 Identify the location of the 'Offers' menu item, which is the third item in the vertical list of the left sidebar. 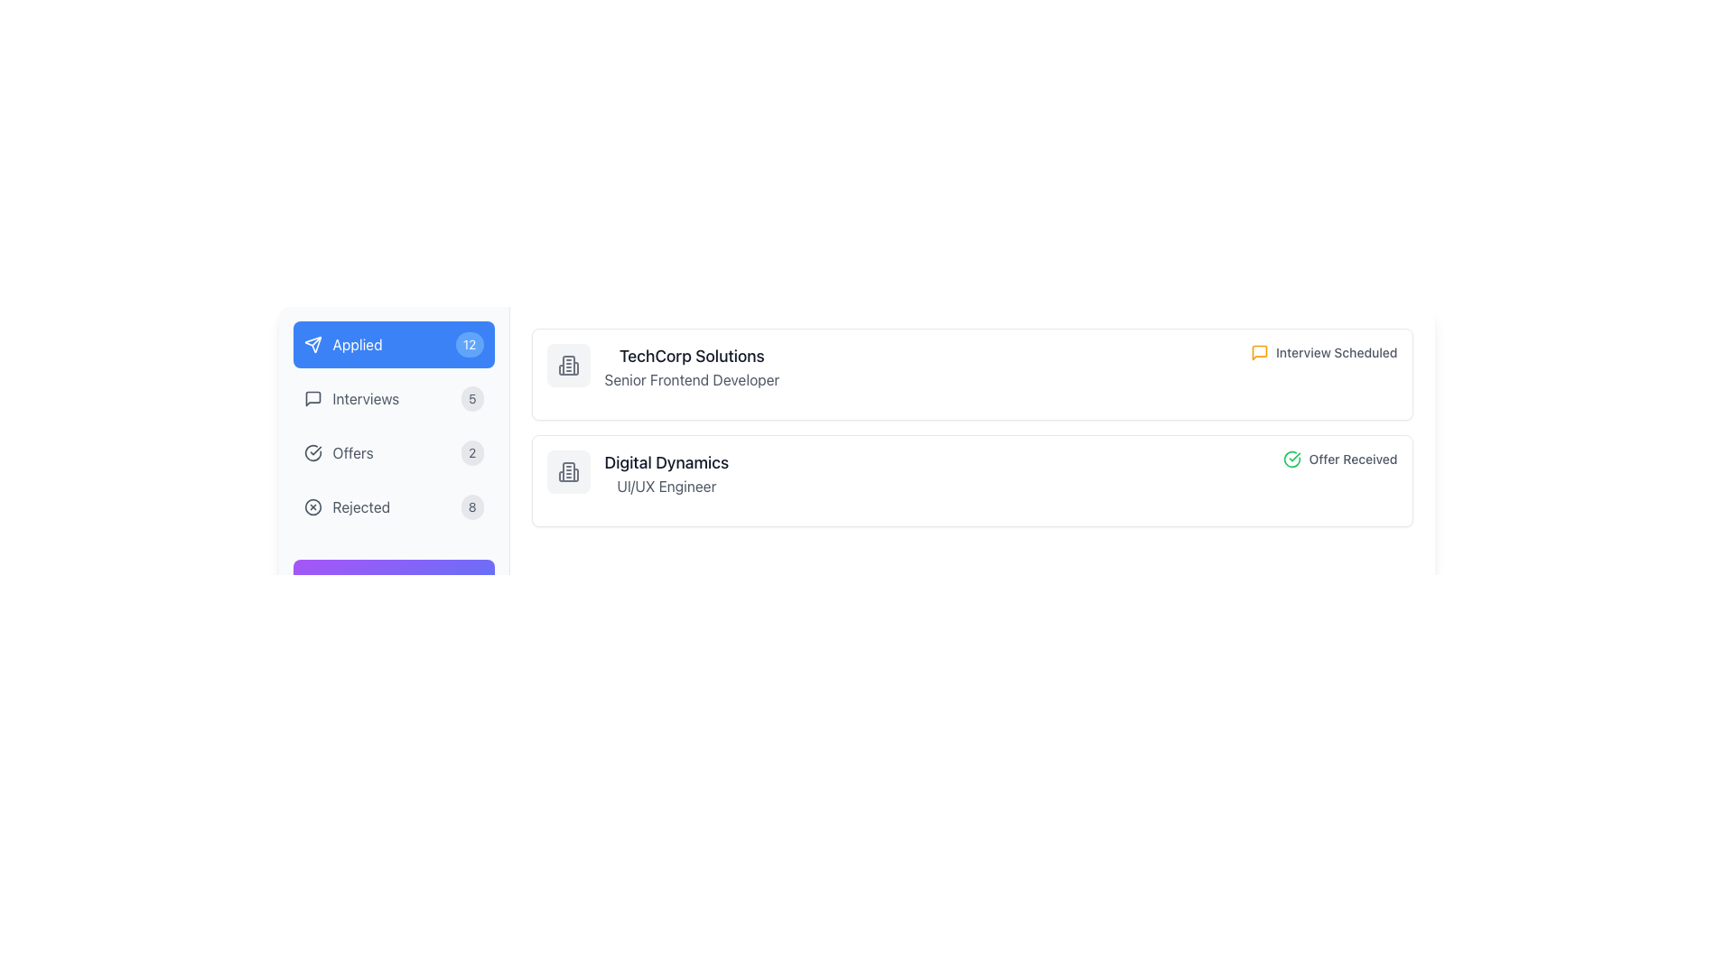
(338, 451).